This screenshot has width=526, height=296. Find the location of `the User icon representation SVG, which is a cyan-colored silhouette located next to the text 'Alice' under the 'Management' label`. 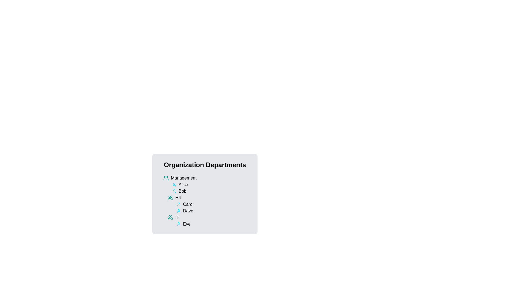

the User icon representation SVG, which is a cyan-colored silhouette located next to the text 'Alice' under the 'Management' label is located at coordinates (174, 185).